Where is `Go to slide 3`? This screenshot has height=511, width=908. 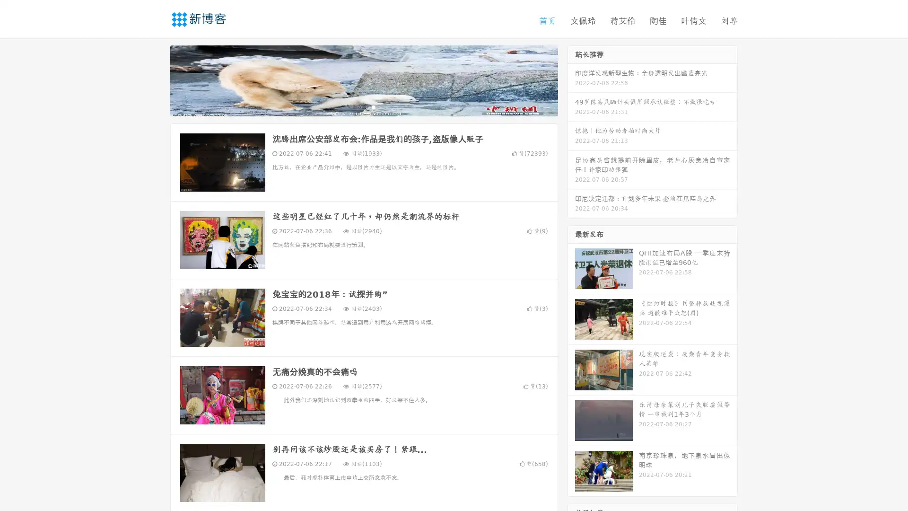
Go to slide 3 is located at coordinates (373, 106).